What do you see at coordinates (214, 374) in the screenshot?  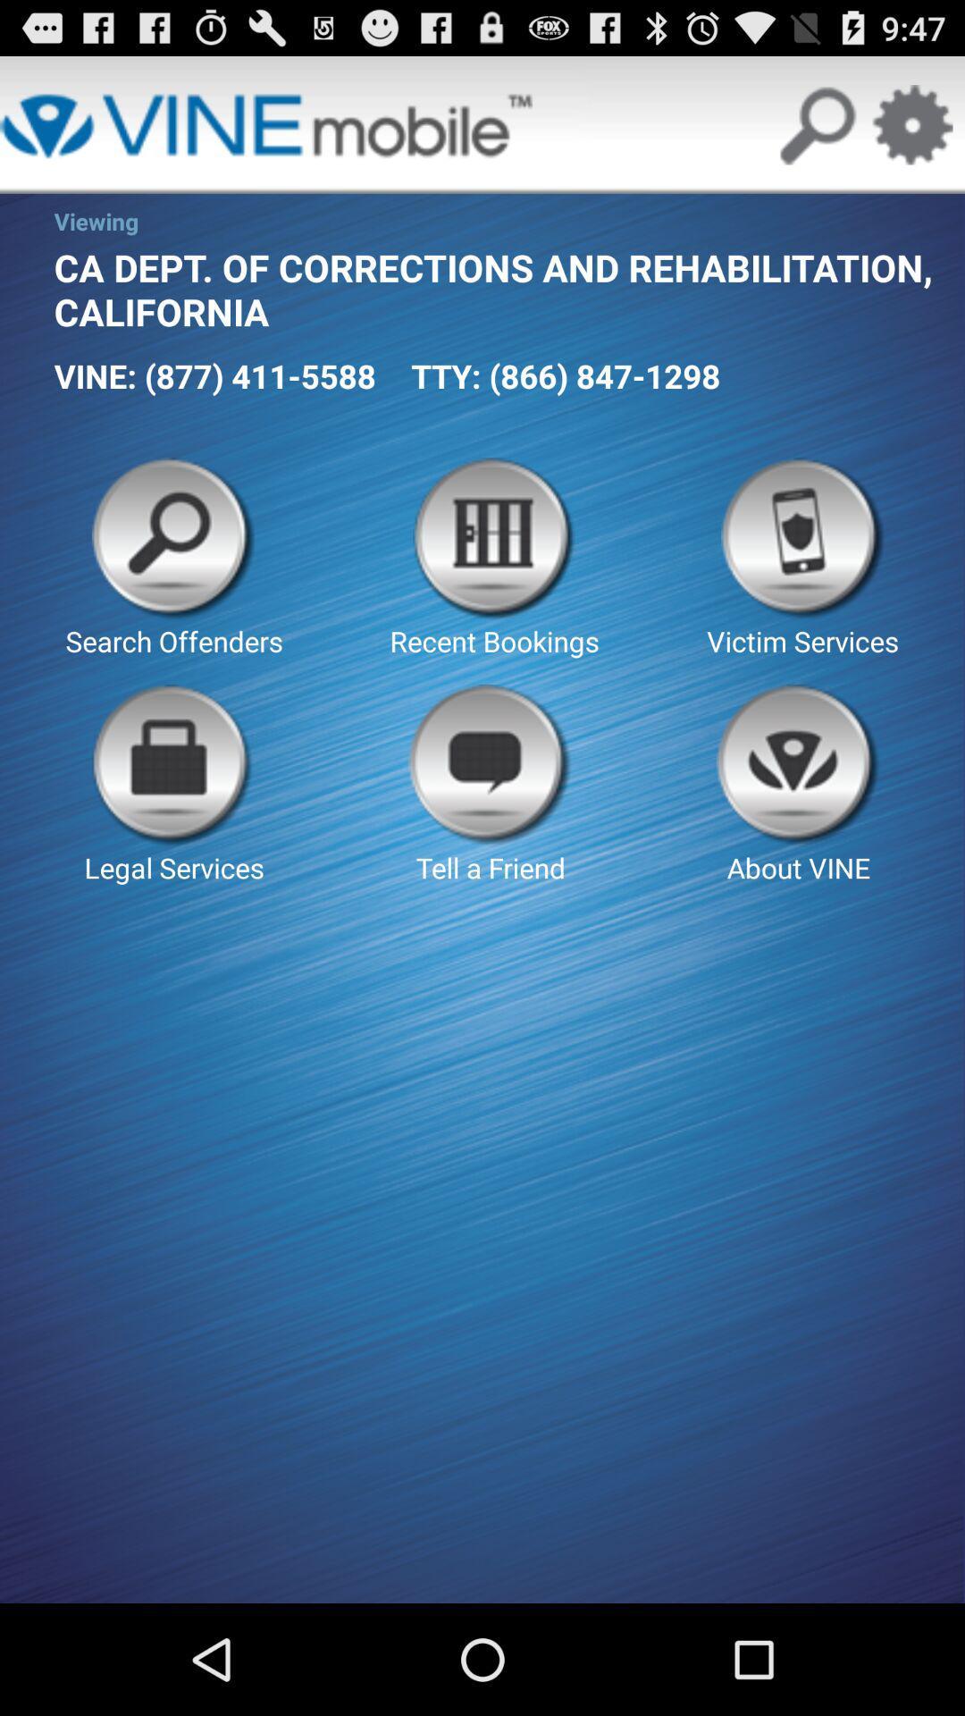 I see `the item above the search offenders item` at bounding box center [214, 374].